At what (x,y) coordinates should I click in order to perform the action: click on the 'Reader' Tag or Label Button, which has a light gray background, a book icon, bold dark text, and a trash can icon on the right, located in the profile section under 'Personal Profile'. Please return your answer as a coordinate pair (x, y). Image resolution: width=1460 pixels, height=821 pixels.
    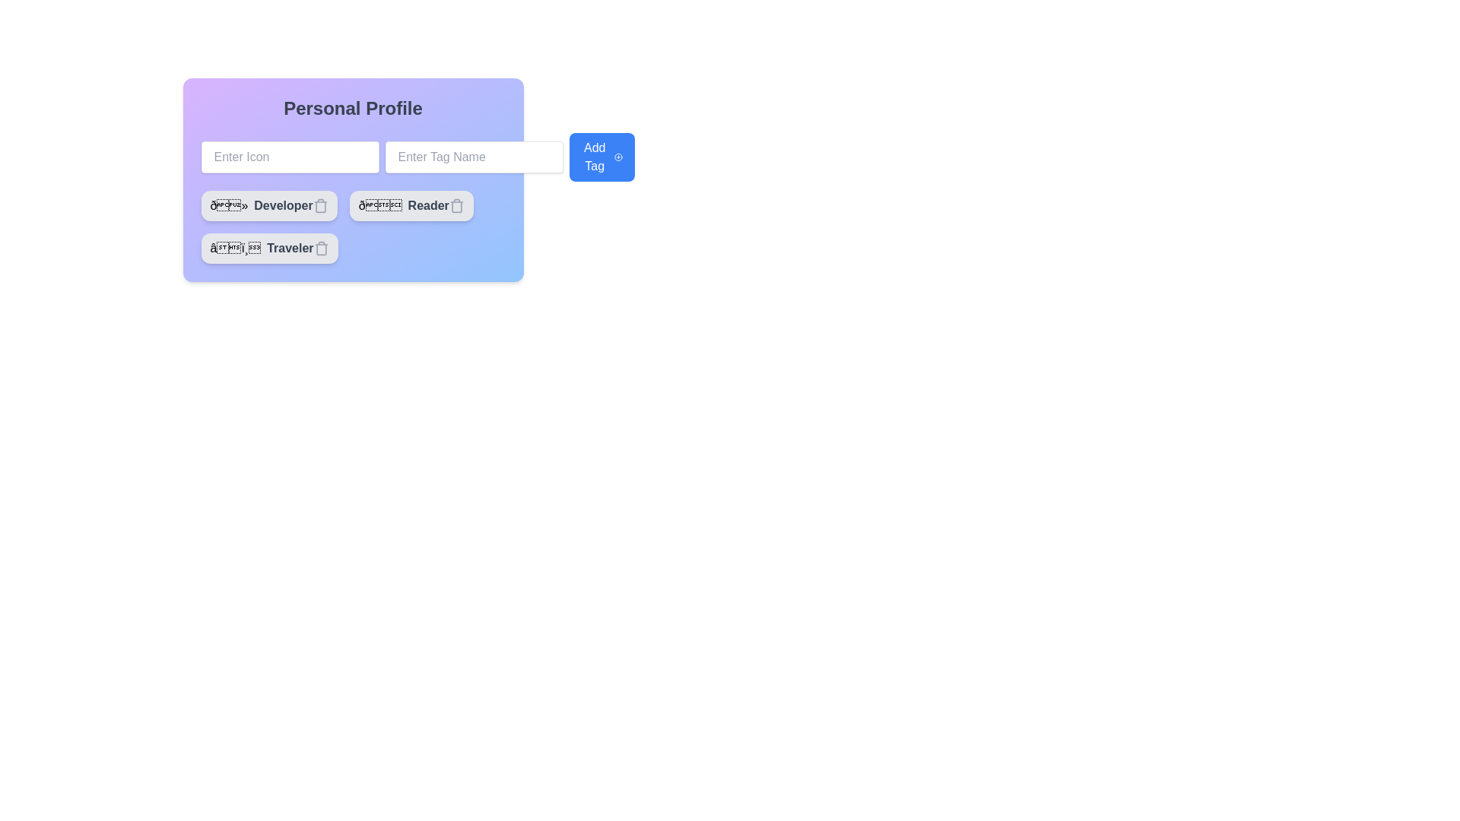
    Looking at the image, I should click on (411, 205).